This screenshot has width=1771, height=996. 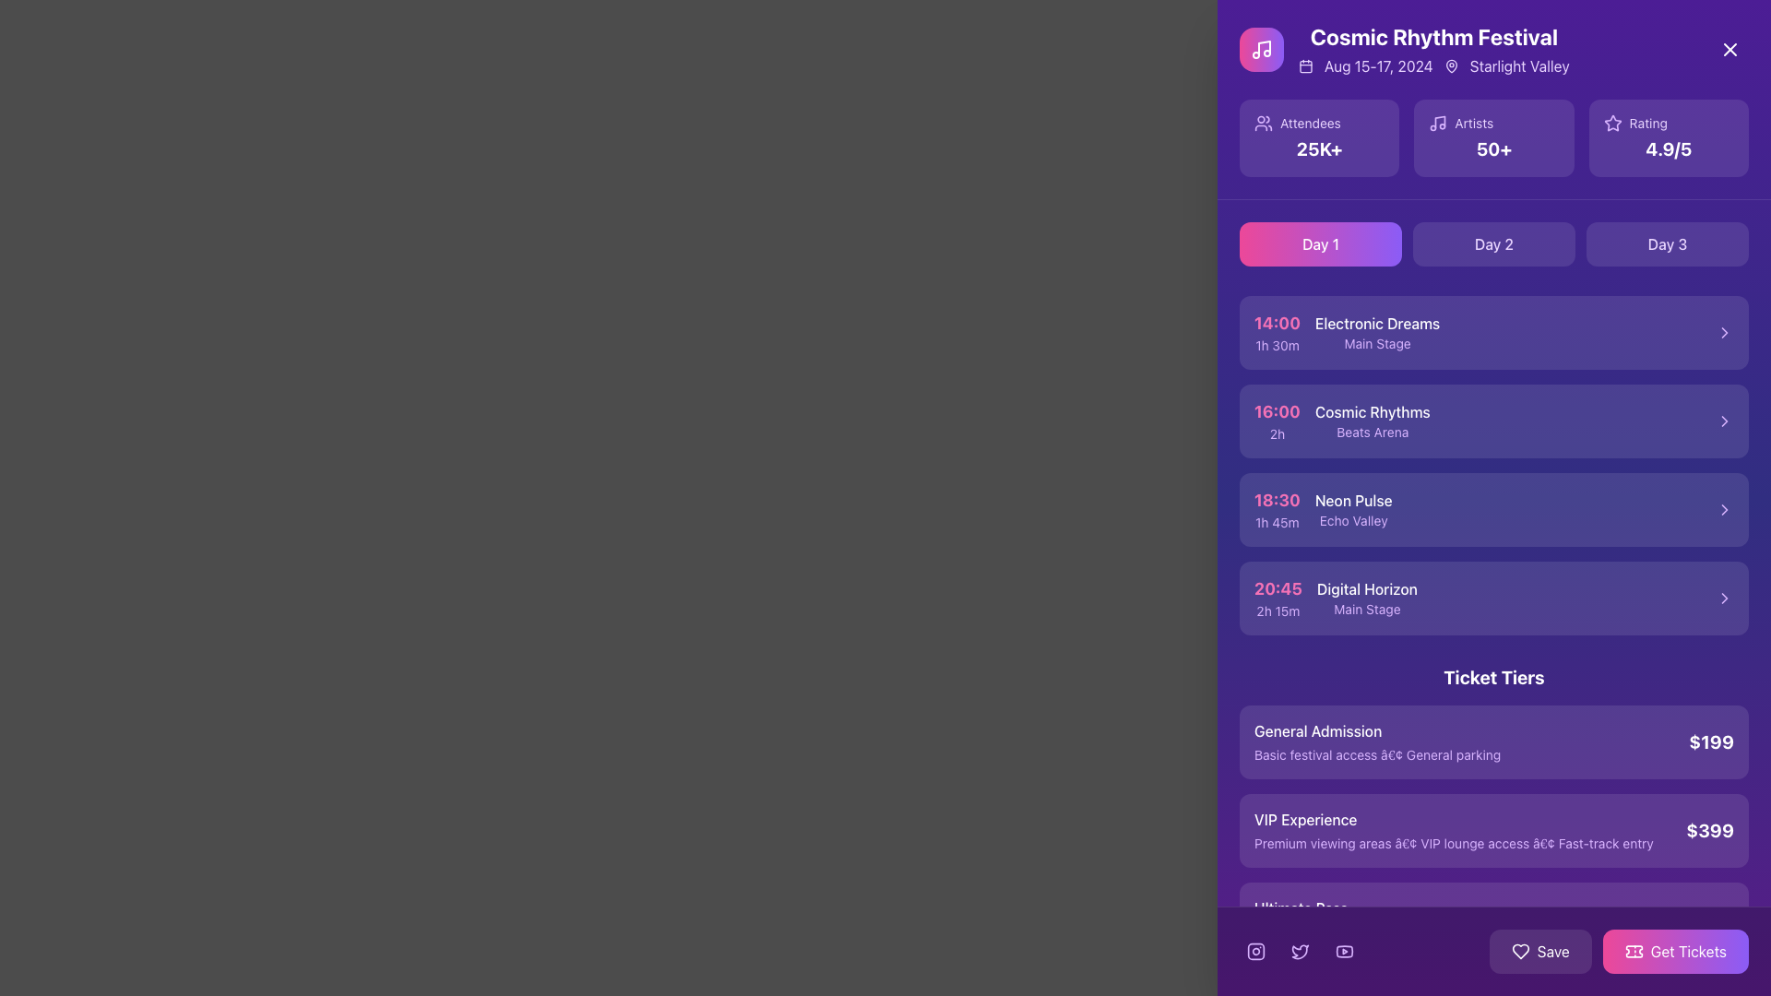 What do you see at coordinates (1367, 589) in the screenshot?
I see `the static text label displaying 'Digital Horizon' which is styled in white font on a dark purple background, located in the event details section under the time slot (20:45) and above the 'Main Stage' subtitle` at bounding box center [1367, 589].